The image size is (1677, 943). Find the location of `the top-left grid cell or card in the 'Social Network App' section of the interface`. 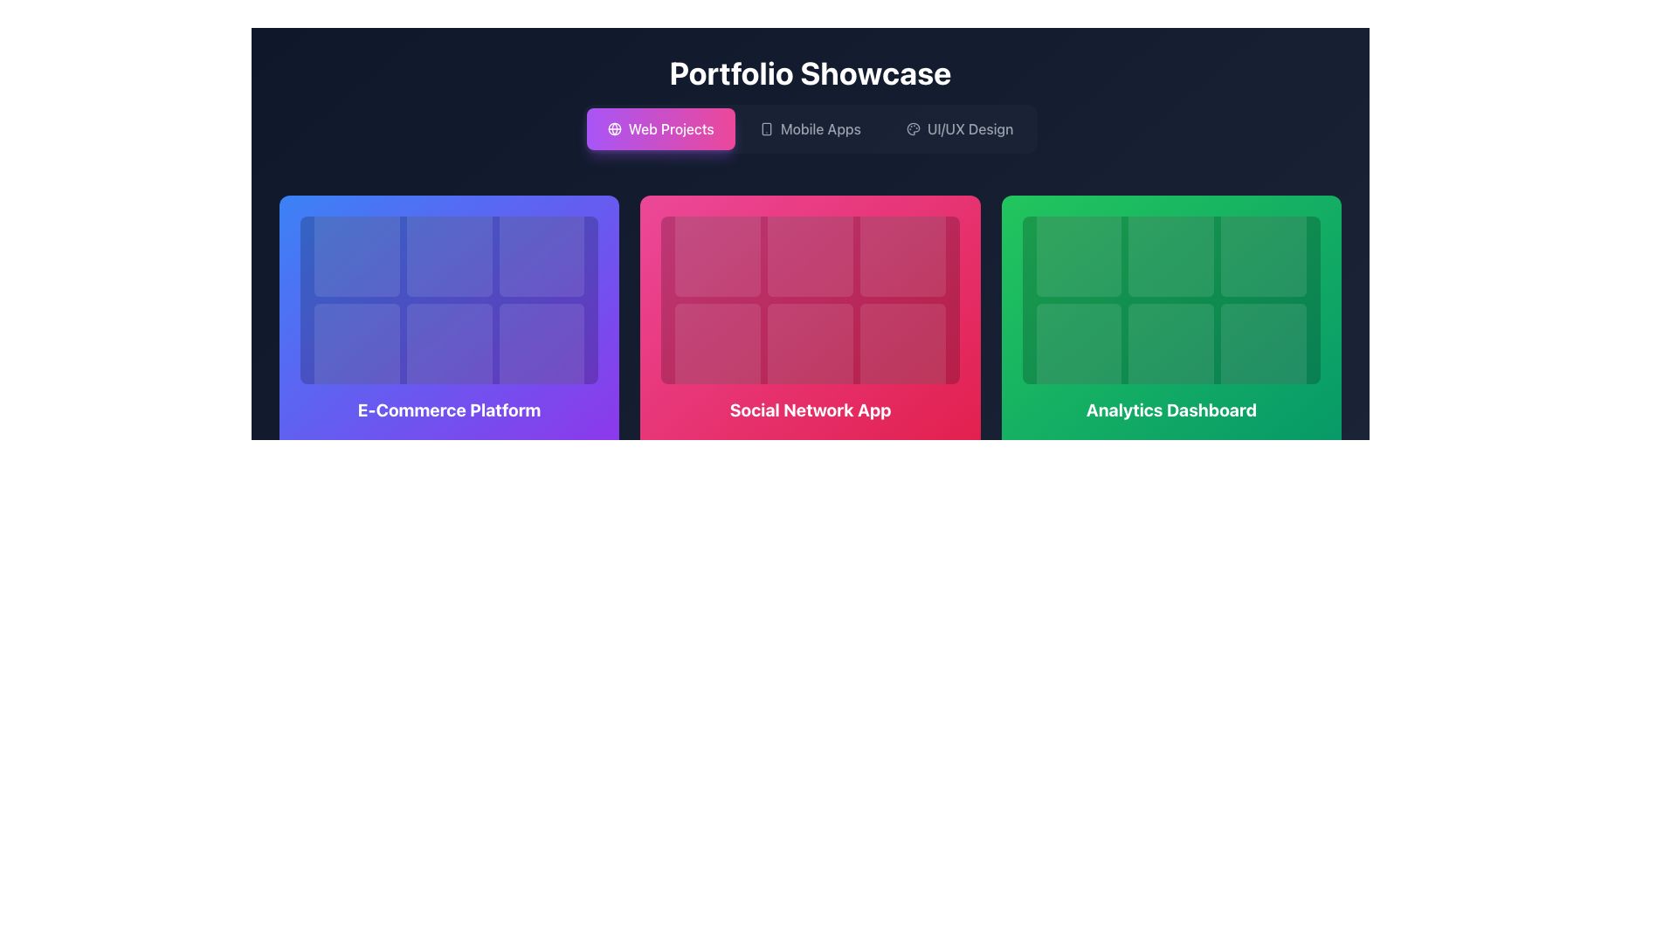

the top-left grid cell or card in the 'Social Network App' section of the interface is located at coordinates (717, 253).